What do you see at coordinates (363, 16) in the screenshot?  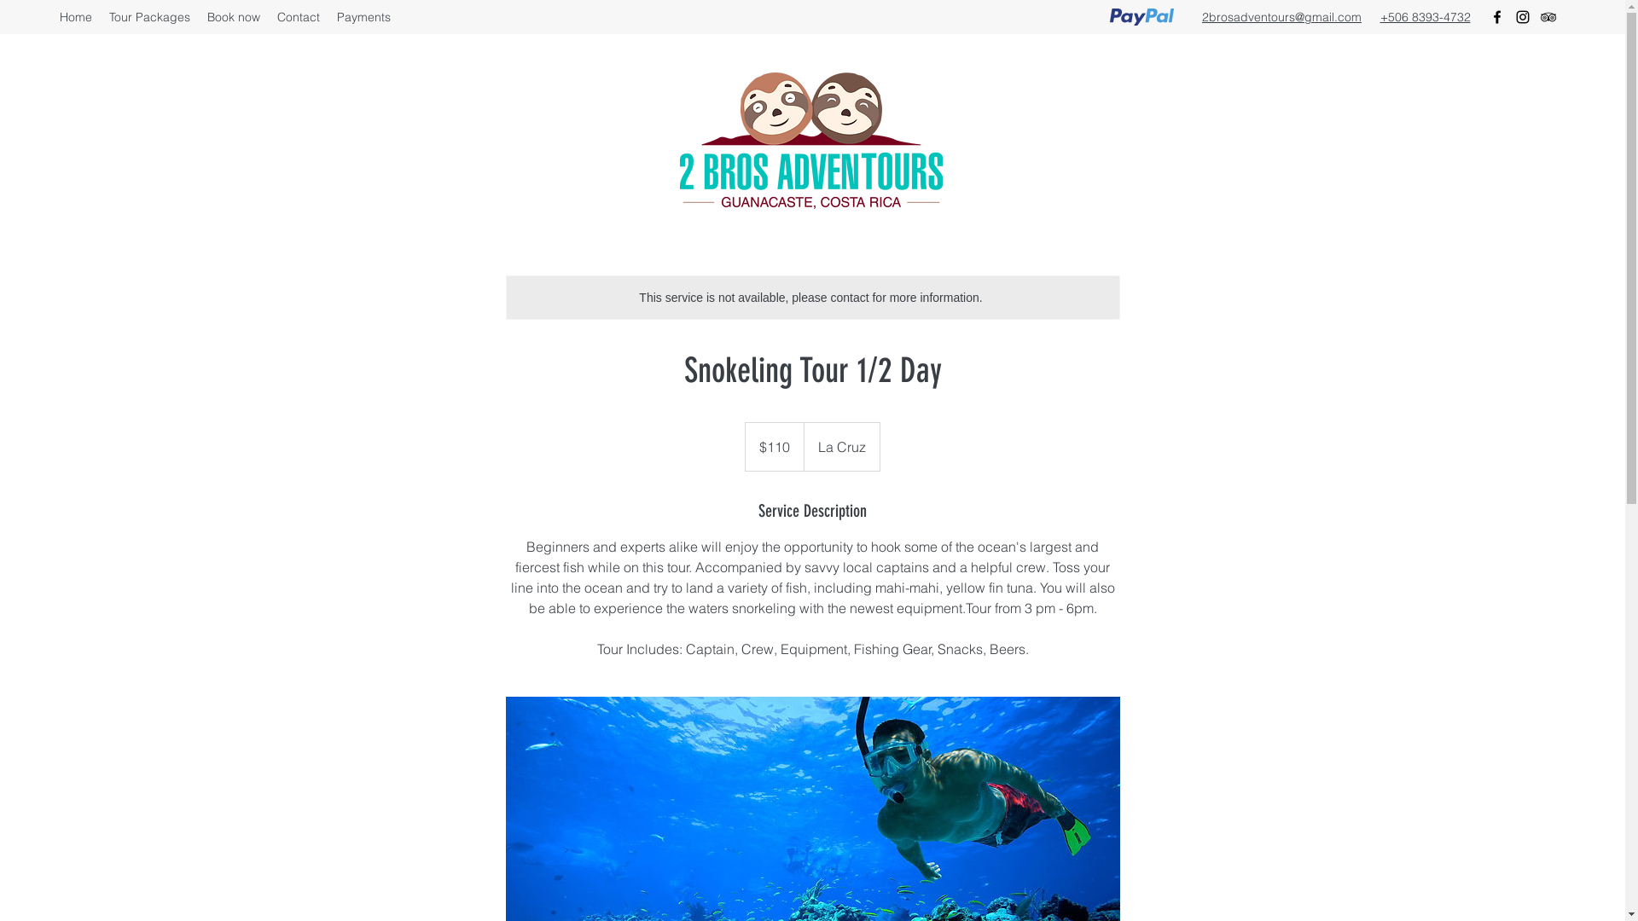 I see `'Payments'` at bounding box center [363, 16].